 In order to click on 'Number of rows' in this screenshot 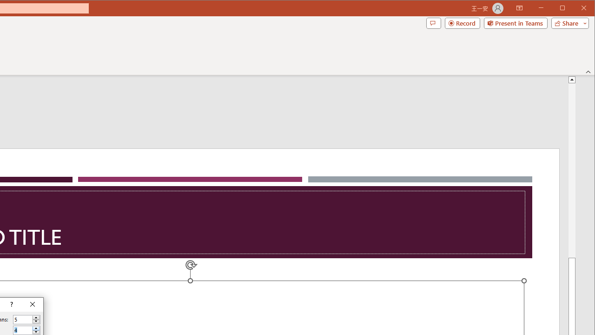, I will do `click(23, 330)`.